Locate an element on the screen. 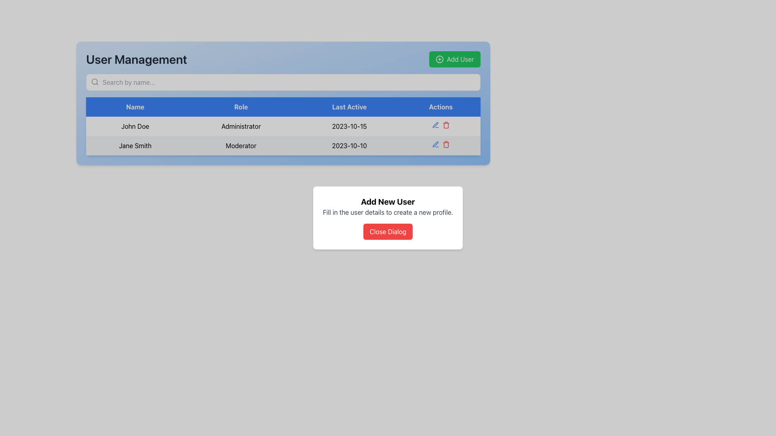 The height and width of the screenshot is (436, 776). the bold textual heading labeled 'User Management' that is prominently displayed on a blue background is located at coordinates (137, 59).